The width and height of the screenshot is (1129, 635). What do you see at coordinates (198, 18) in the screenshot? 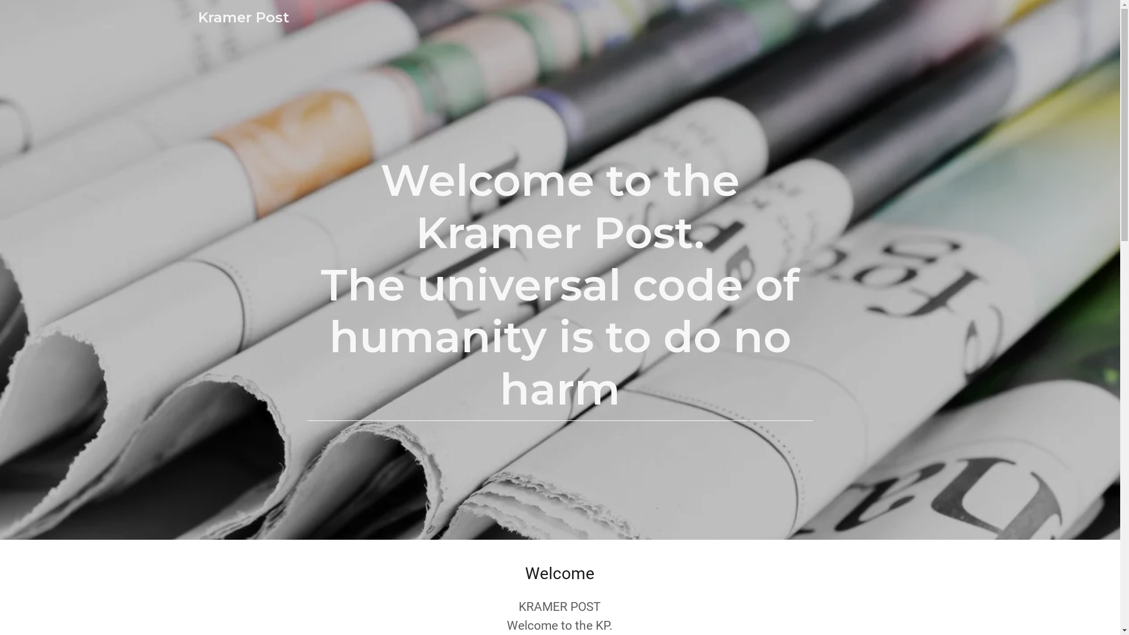
I see `'Kramer Post'` at bounding box center [198, 18].